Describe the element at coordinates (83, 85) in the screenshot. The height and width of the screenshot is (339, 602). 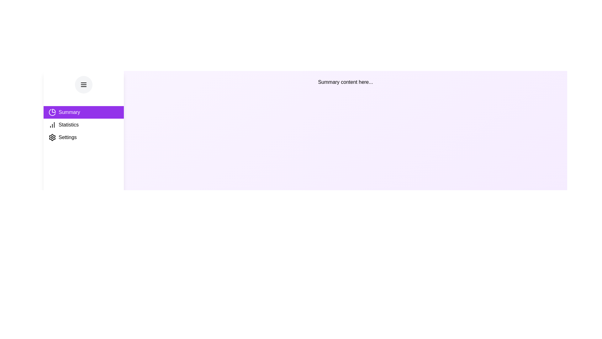
I see `the menu button to toggle the menu visibility` at that location.